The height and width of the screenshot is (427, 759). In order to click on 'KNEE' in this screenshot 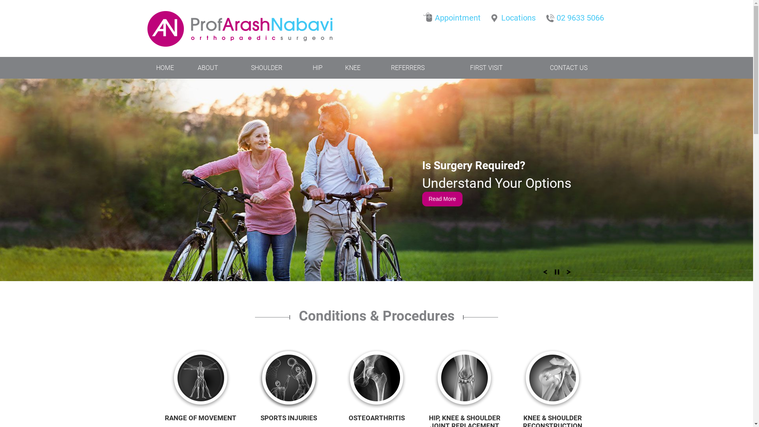, I will do `click(352, 67)`.